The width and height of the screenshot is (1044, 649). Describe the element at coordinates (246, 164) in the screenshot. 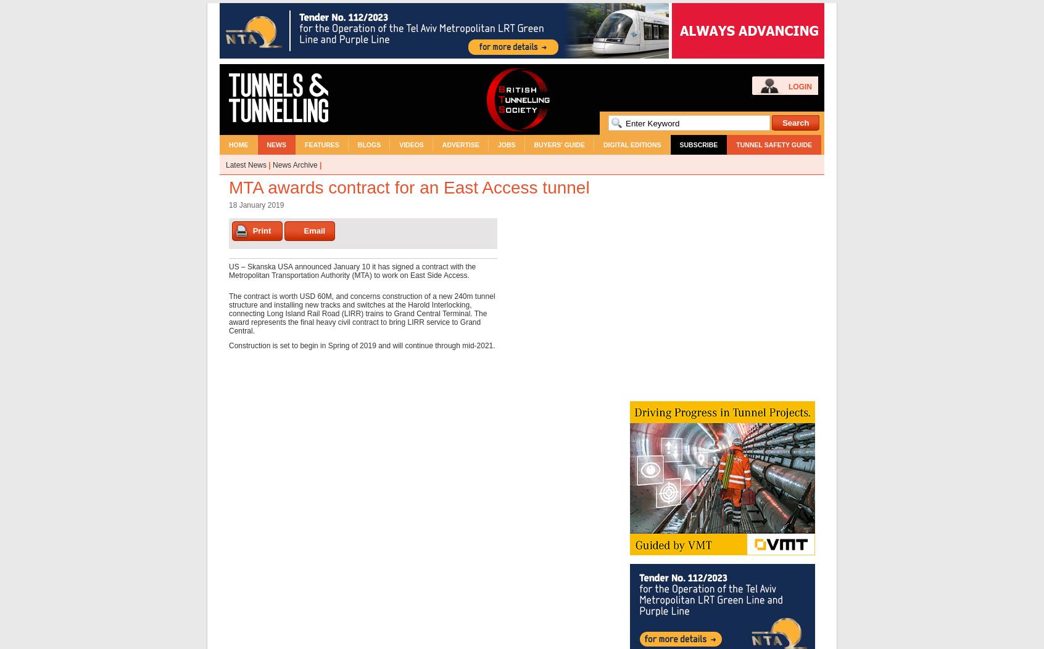

I see `'Latest News'` at that location.